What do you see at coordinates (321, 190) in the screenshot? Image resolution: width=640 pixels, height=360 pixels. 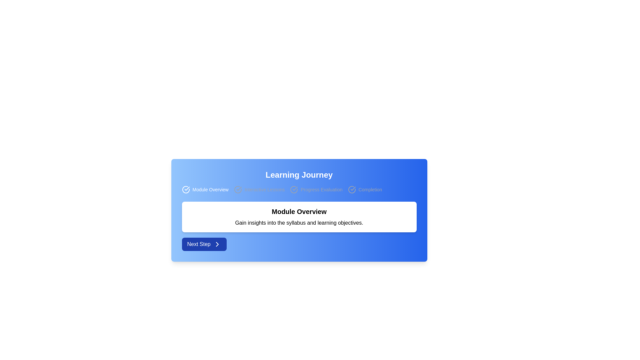 I see `the 'Progress Evaluation' text label, which is the third text element in a row of progress markers, styled in light gray and positioned beneath the 'Learning Journey' title` at bounding box center [321, 190].